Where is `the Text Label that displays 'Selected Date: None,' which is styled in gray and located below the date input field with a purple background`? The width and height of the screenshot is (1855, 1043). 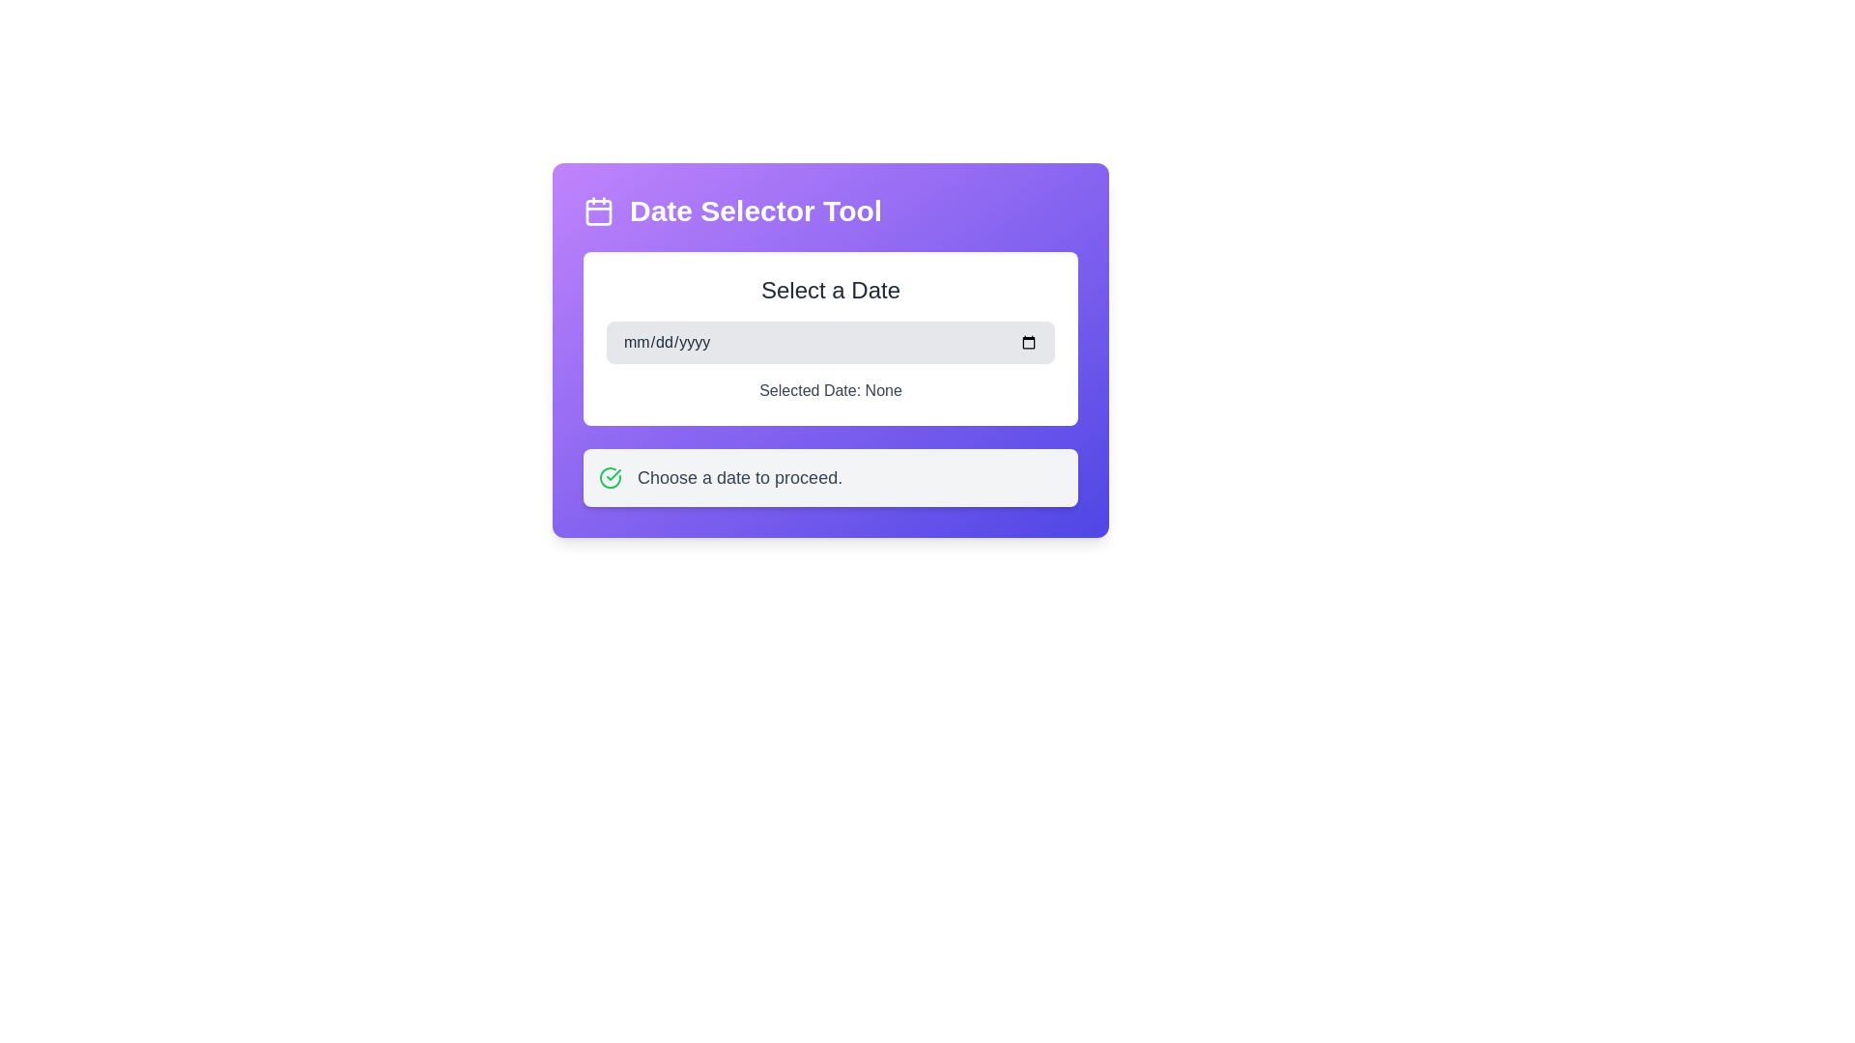
the Text Label that displays 'Selected Date: None,' which is styled in gray and located below the date input field with a purple background is located at coordinates (830, 391).